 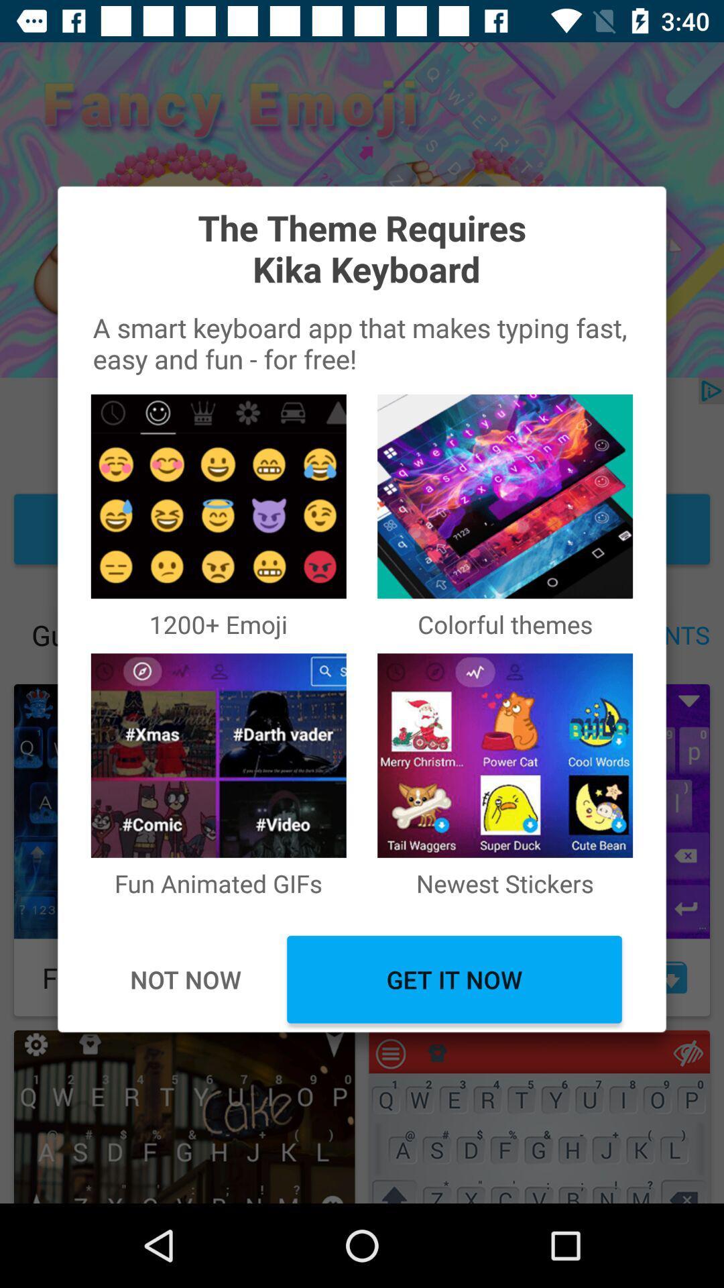 What do you see at coordinates (185, 979) in the screenshot?
I see `not now item` at bounding box center [185, 979].